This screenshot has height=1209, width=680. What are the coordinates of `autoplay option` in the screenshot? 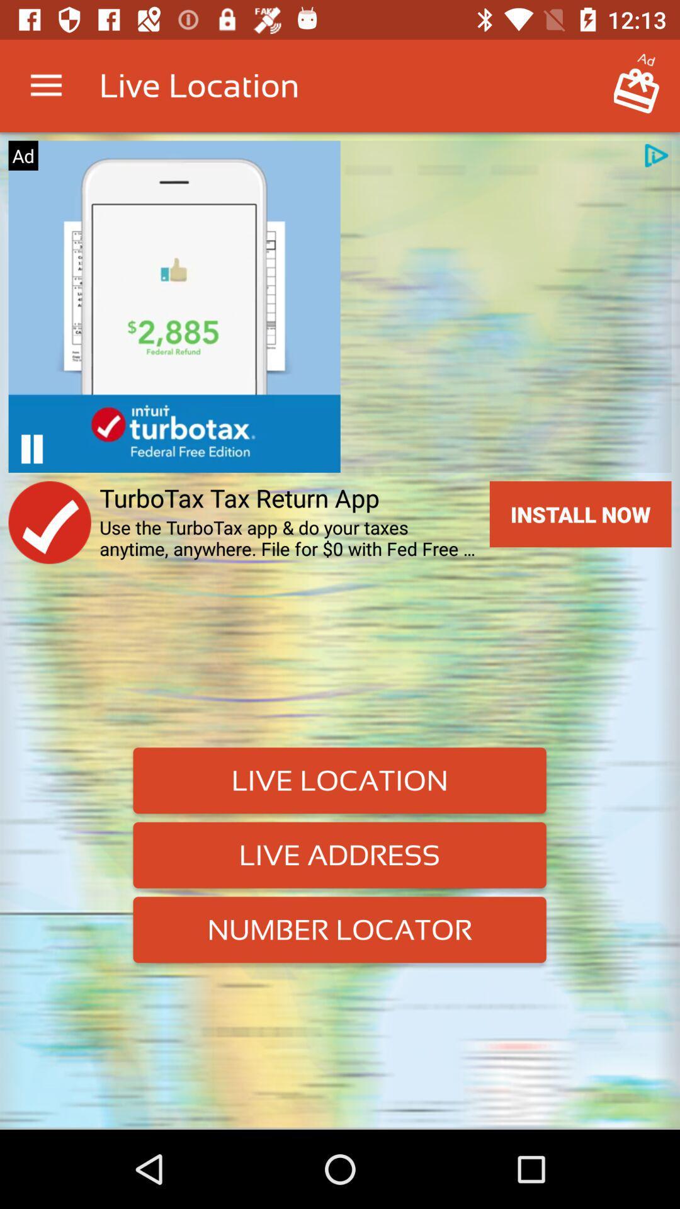 It's located at (31, 449).